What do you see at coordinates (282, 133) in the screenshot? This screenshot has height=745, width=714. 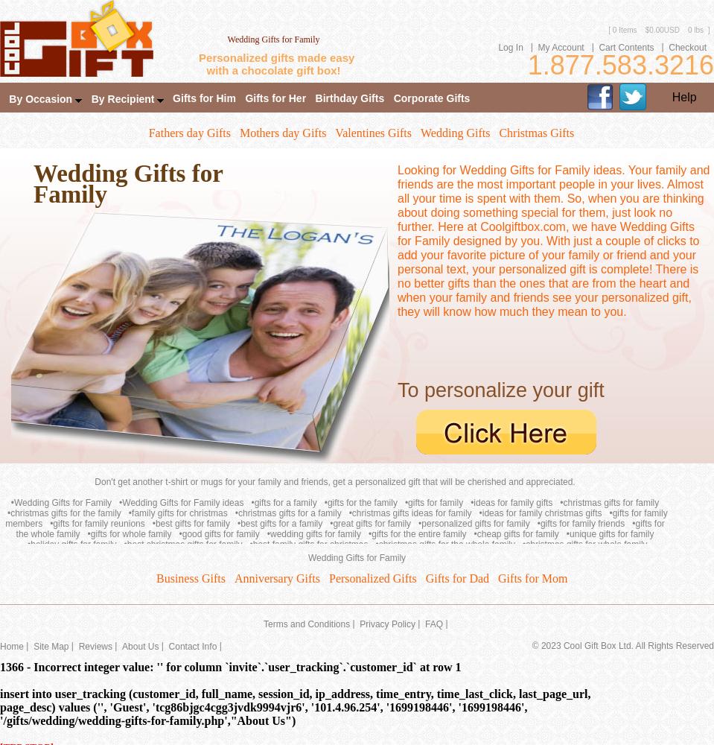 I see `'Mothers day Gifts'` at bounding box center [282, 133].